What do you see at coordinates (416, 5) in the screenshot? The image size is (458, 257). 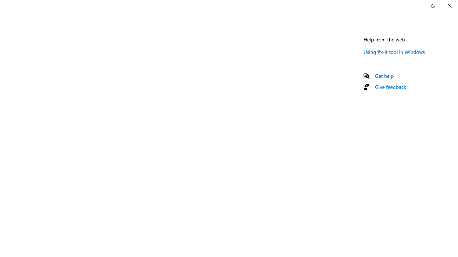 I see `'Minimize Settings'` at bounding box center [416, 5].